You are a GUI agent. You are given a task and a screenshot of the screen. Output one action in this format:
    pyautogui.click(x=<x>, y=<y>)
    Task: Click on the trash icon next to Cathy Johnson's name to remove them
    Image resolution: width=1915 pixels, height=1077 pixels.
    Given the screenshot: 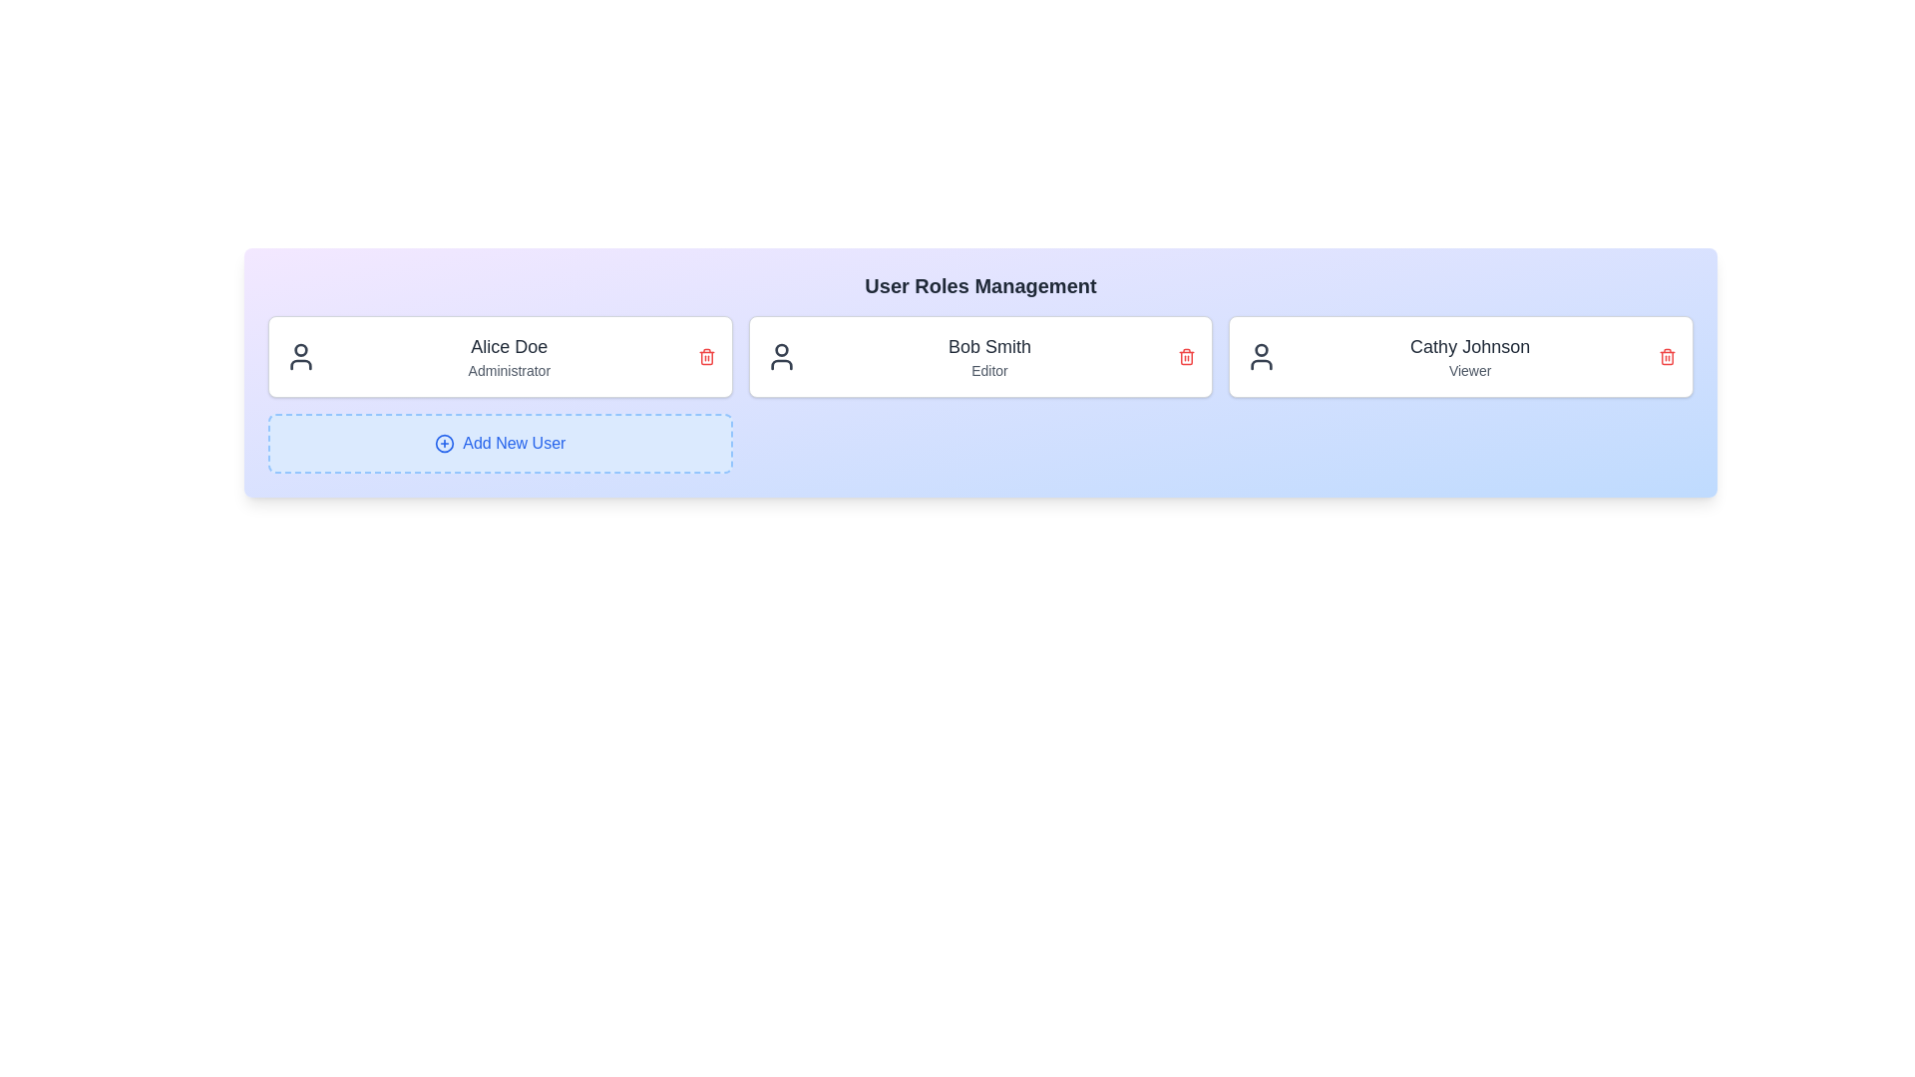 What is the action you would take?
    pyautogui.click(x=1667, y=356)
    